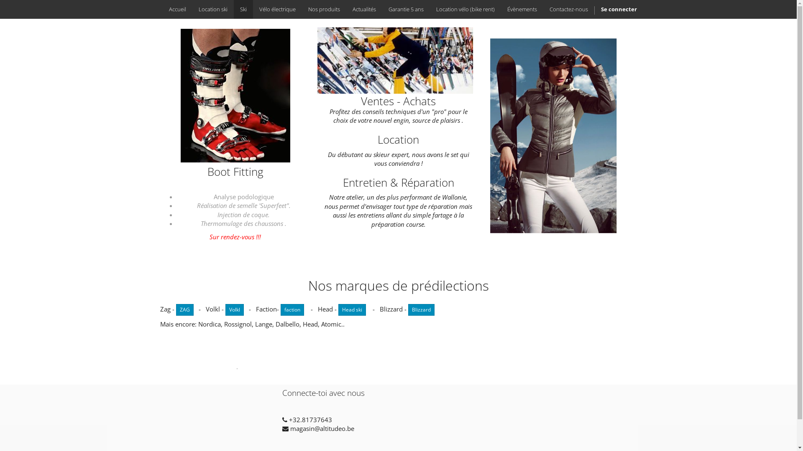 The image size is (803, 451). I want to click on 'Blizzard', so click(408, 309).